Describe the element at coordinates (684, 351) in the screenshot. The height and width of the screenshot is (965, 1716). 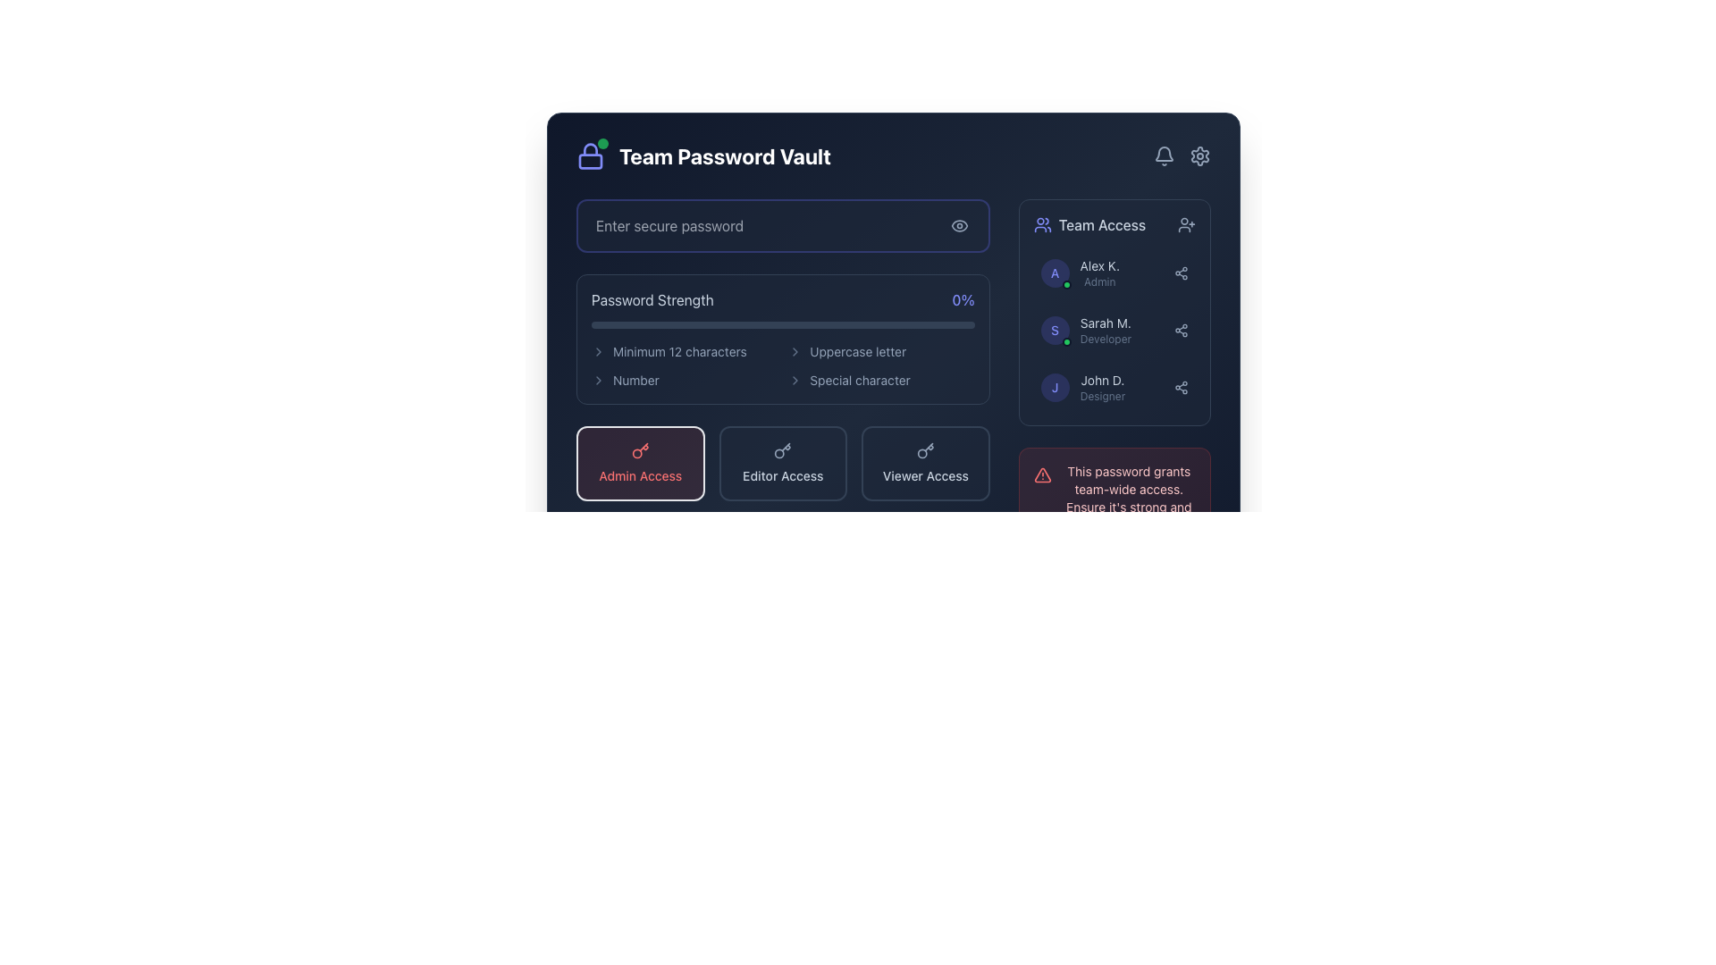
I see `the password strength criterion indicator text label` at that location.